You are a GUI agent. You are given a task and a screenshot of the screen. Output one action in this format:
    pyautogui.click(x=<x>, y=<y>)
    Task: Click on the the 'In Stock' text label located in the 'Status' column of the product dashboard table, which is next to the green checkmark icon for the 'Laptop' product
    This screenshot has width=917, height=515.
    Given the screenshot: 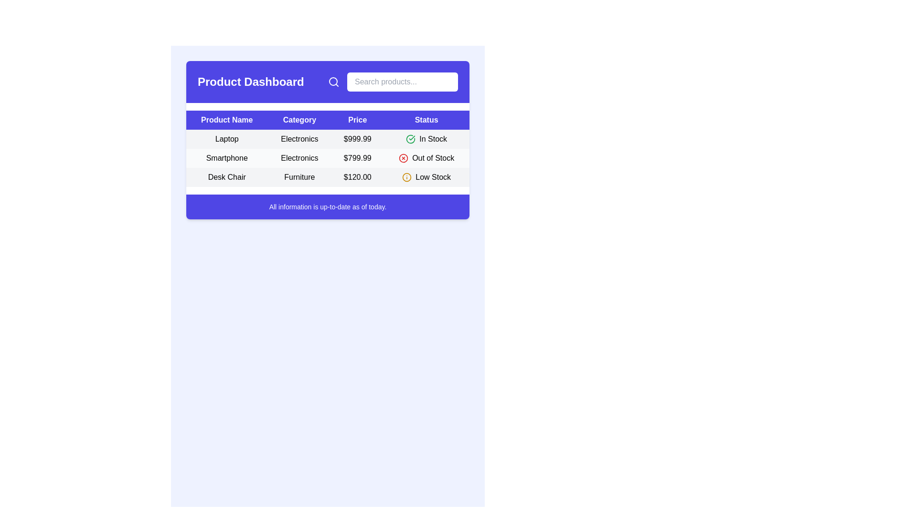 What is the action you would take?
    pyautogui.click(x=433, y=139)
    